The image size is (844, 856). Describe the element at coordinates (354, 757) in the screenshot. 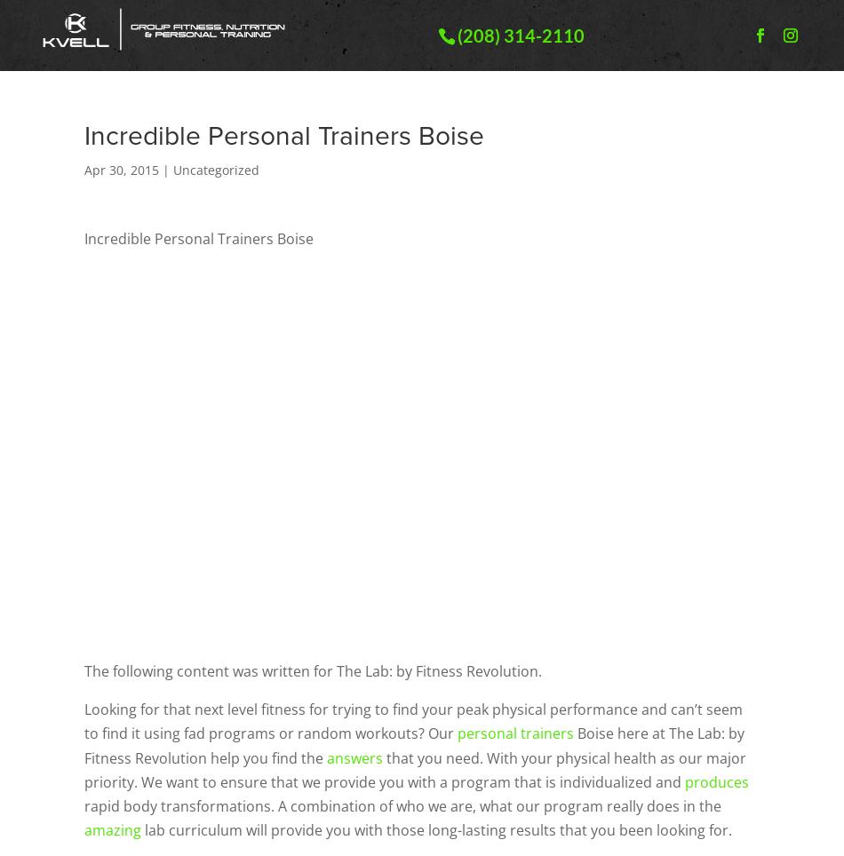

I see `'answers'` at that location.